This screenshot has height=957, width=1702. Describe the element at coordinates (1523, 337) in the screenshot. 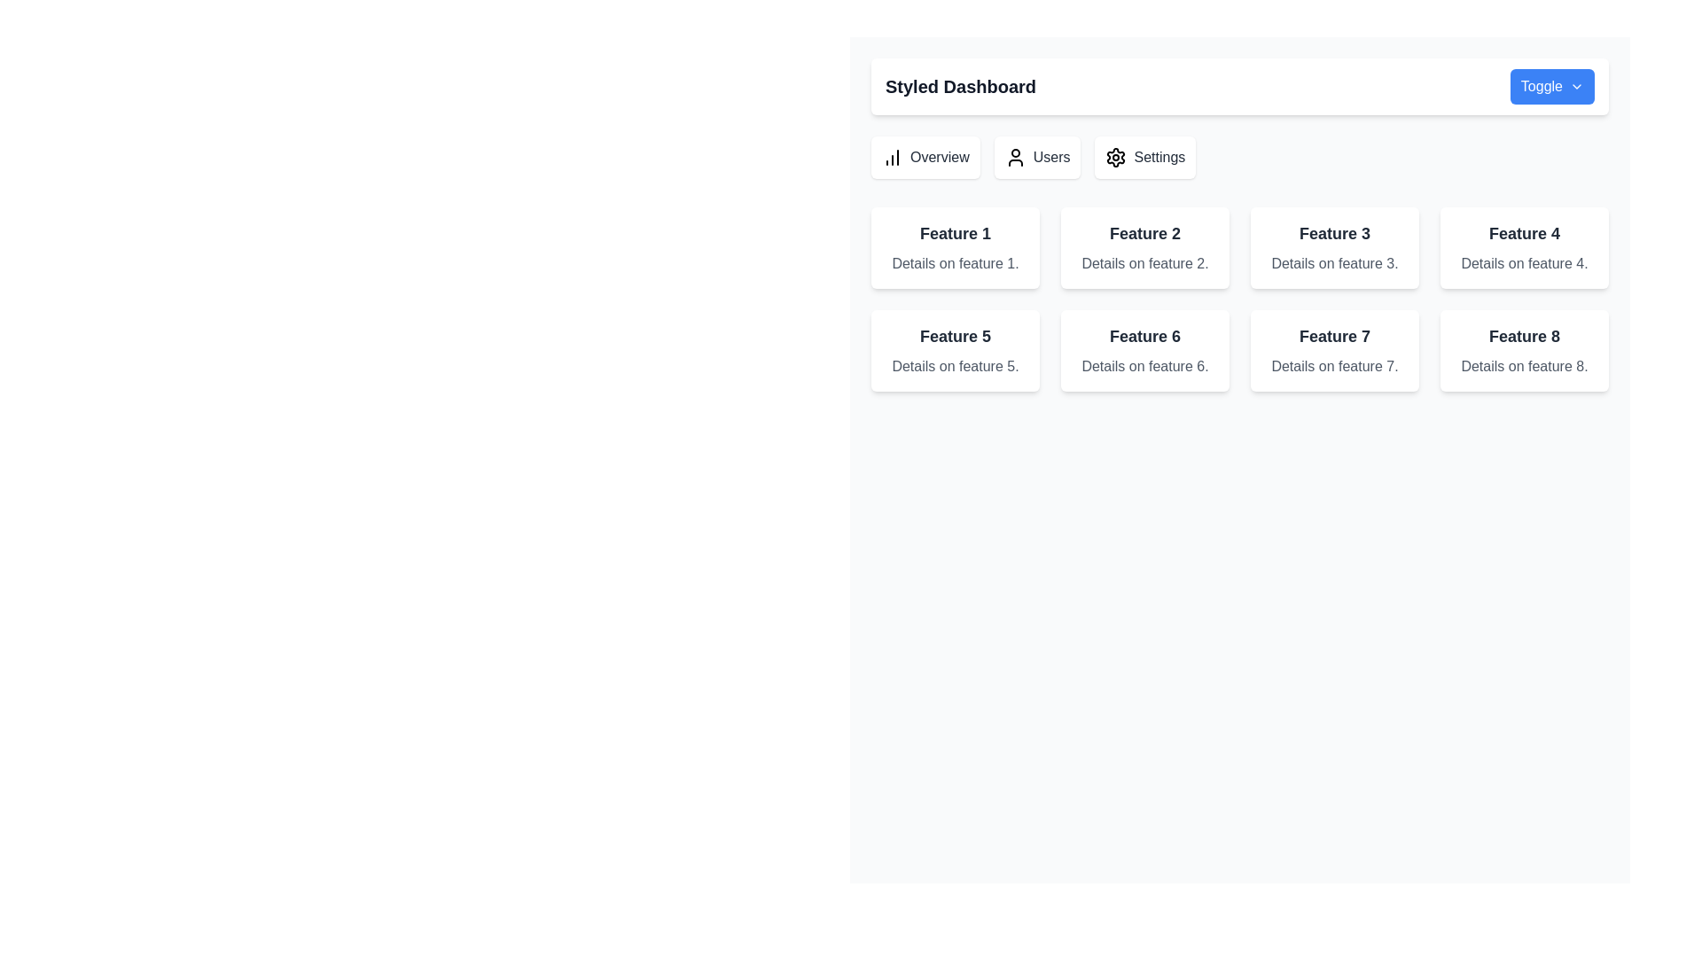

I see `the text label that serves as the title for the card representing 'Feature 8', positioned in the lower-right corner of the grid layout` at that location.